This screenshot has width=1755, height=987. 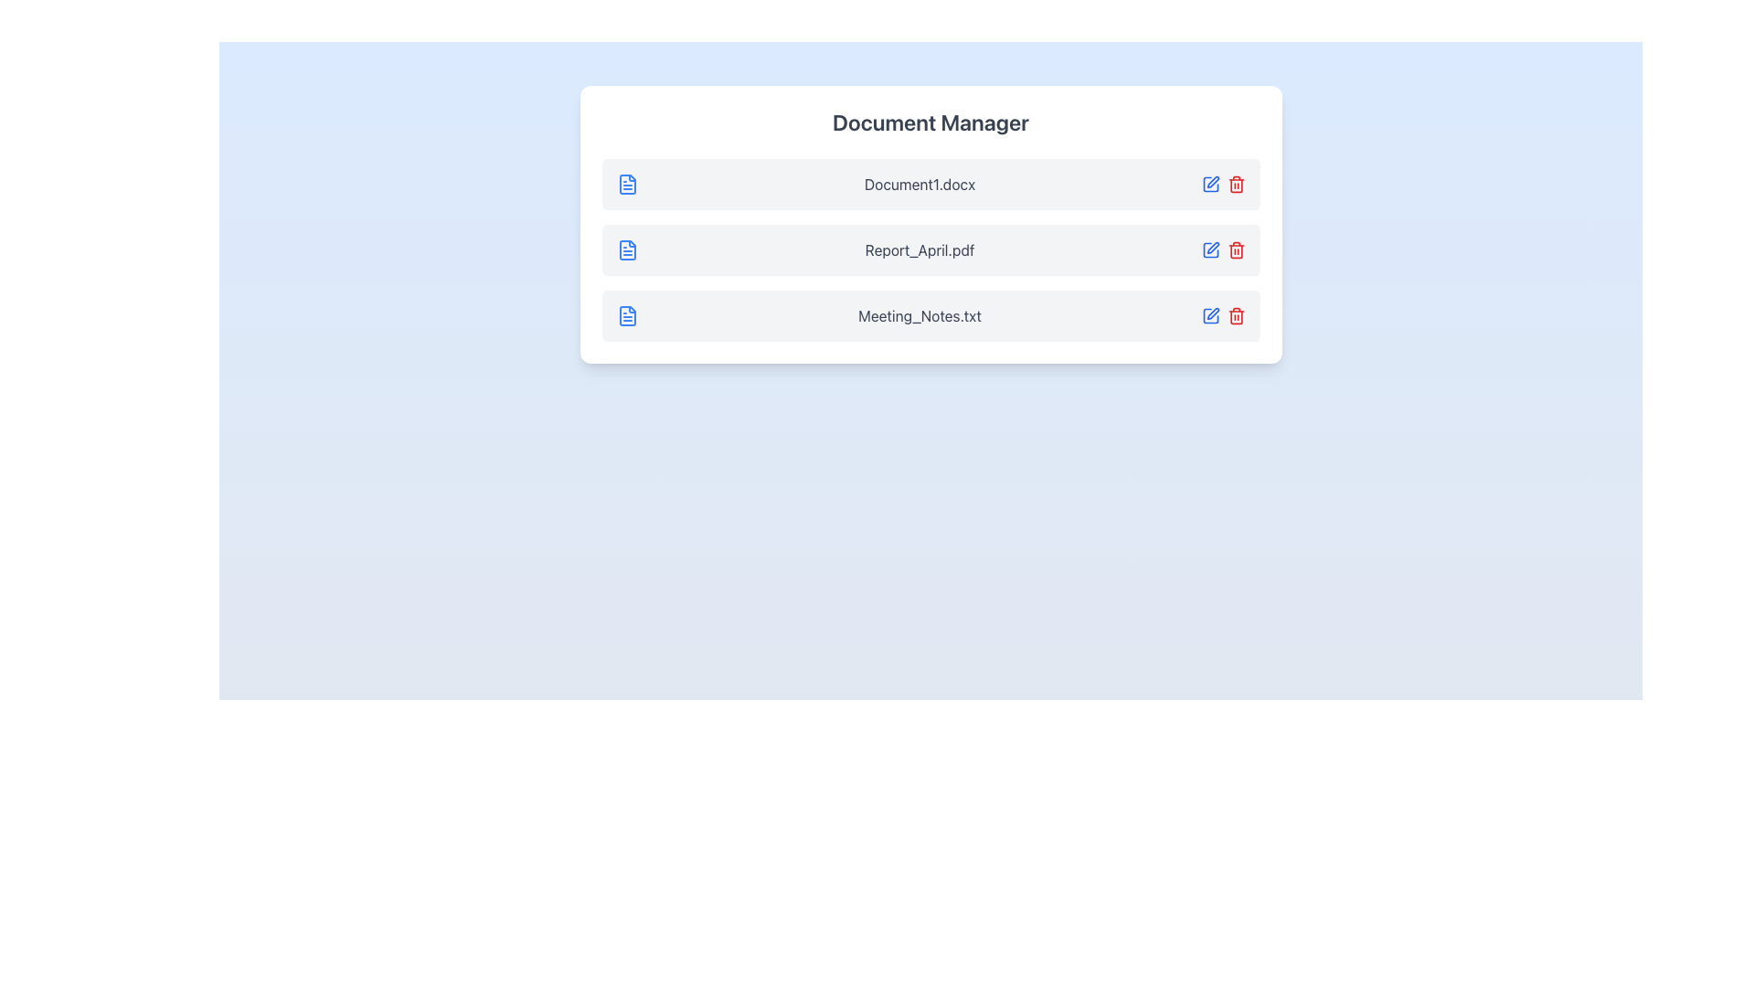 What do you see at coordinates (627, 184) in the screenshot?
I see `the document file icon associated with the first file entry labeled 'Document1.docx'` at bounding box center [627, 184].